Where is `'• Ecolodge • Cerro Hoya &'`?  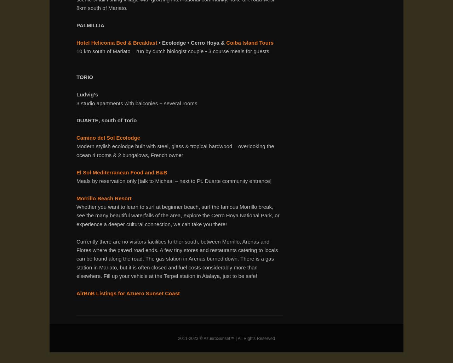 '• Ecolodge • Cerro Hoya &' is located at coordinates (191, 42).